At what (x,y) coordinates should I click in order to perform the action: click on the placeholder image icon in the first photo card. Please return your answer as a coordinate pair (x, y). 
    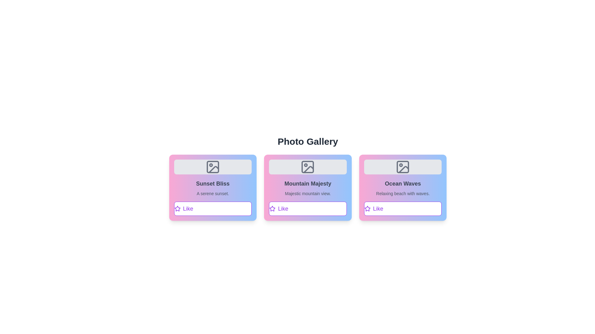
    Looking at the image, I should click on (213, 167).